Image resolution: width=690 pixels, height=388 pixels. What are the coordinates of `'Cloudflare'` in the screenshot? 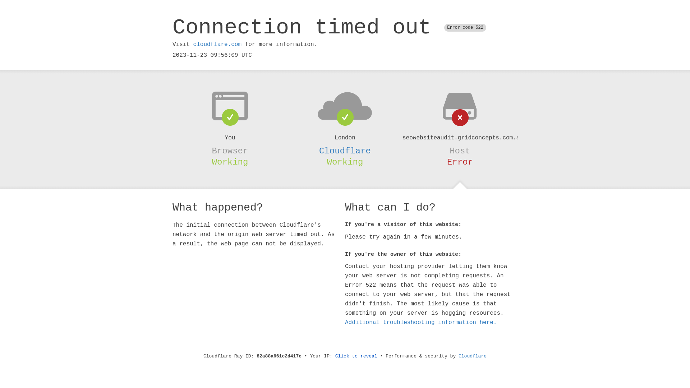 It's located at (473, 356).